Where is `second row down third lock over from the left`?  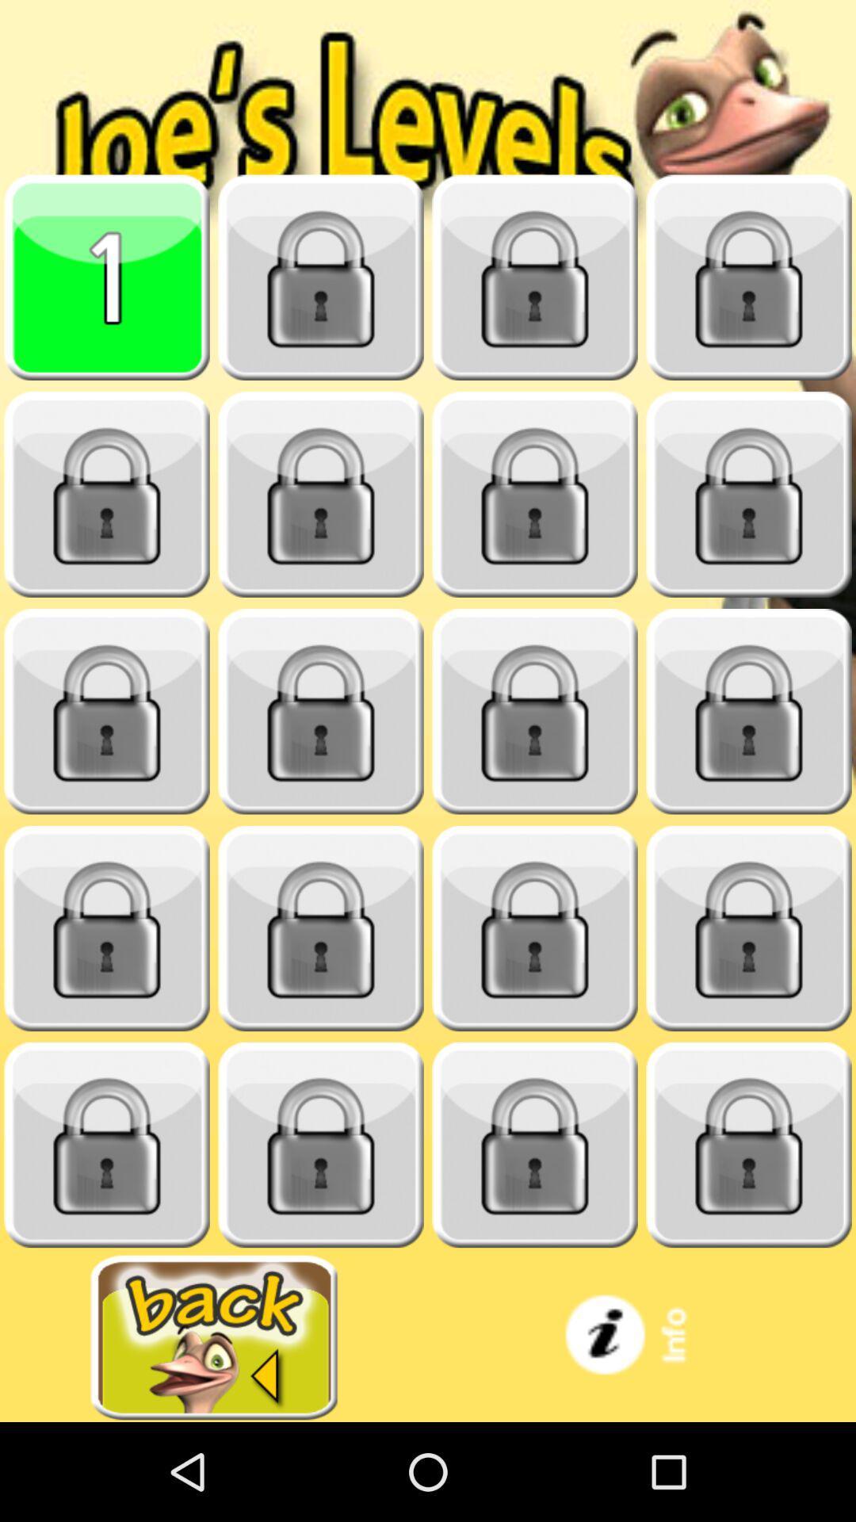
second row down third lock over from the left is located at coordinates (535, 494).